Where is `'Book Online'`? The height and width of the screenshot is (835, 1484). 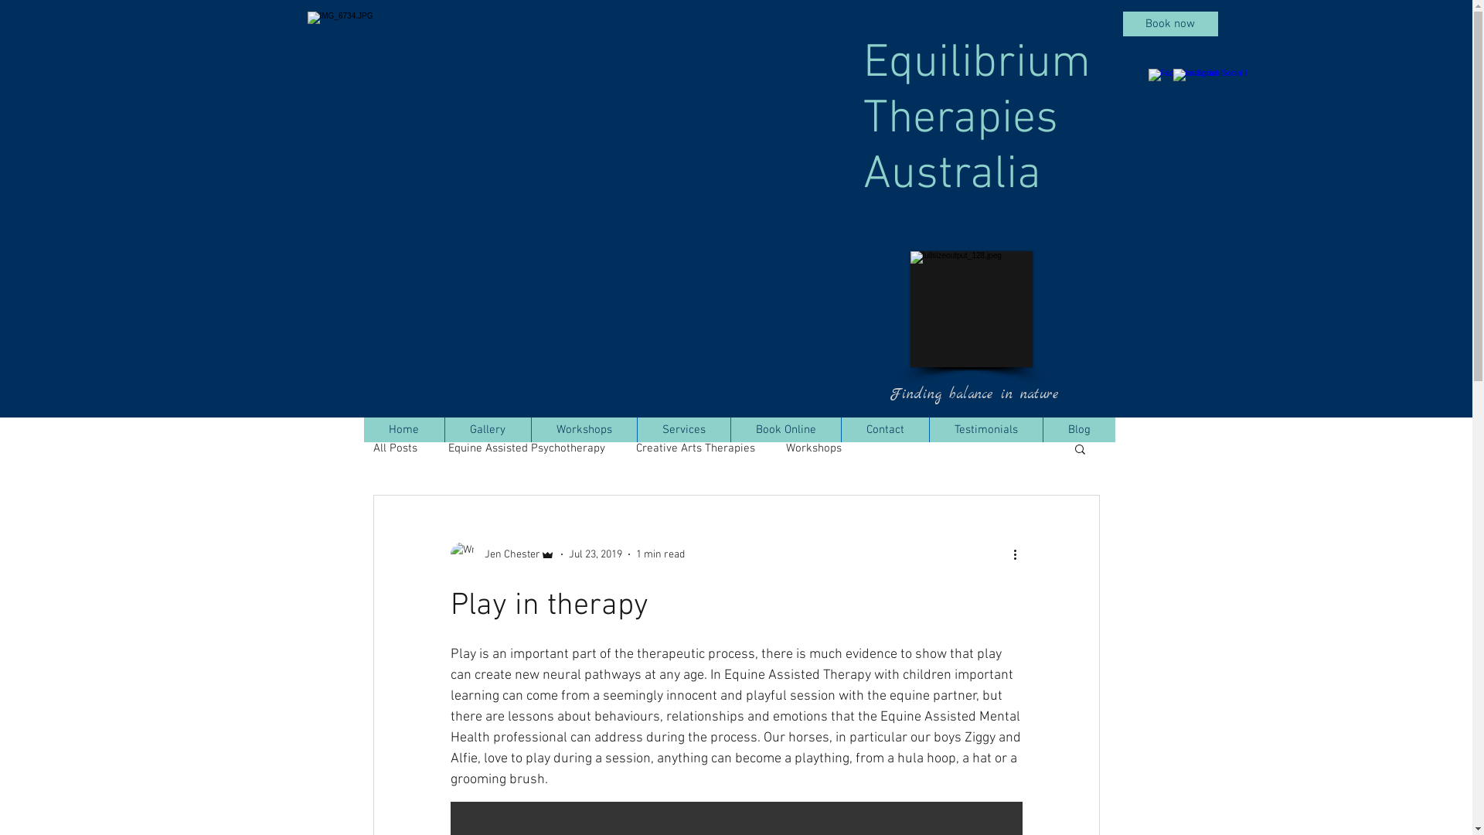
'Book Online' is located at coordinates (785, 429).